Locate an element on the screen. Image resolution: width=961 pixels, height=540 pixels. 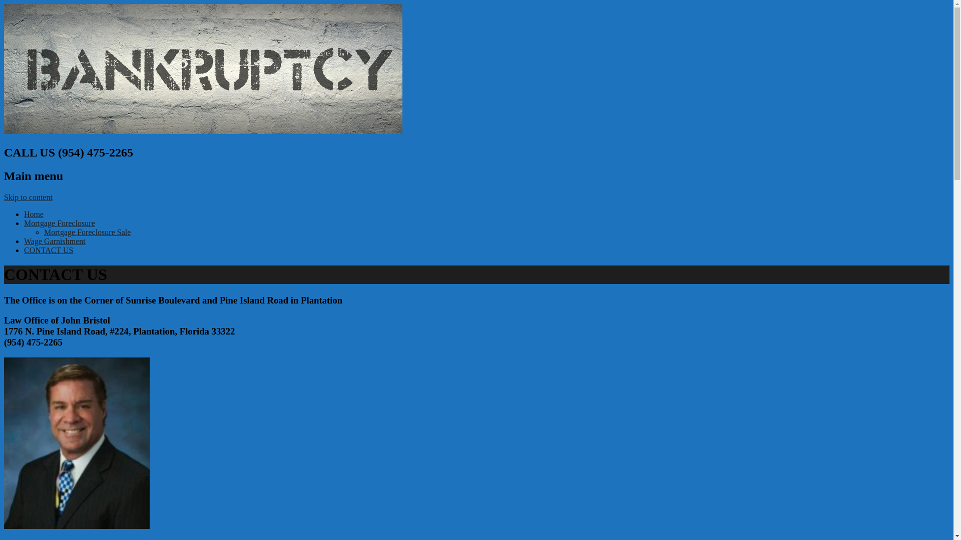
'Home' is located at coordinates (34, 213).